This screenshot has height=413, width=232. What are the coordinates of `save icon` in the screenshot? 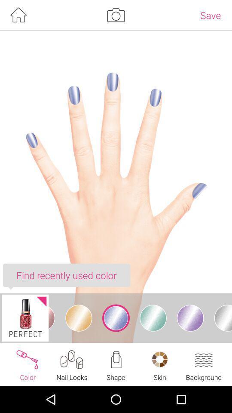 It's located at (210, 15).